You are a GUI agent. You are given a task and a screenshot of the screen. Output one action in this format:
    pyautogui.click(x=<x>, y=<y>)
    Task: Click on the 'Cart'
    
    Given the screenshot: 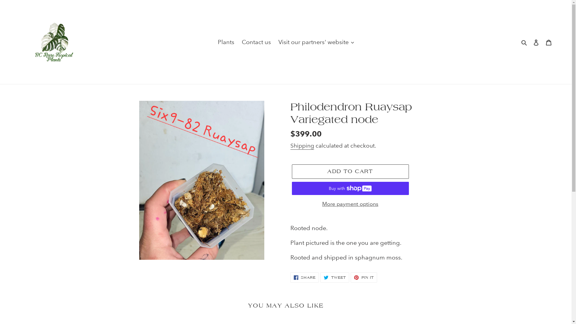 What is the action you would take?
    pyautogui.click(x=548, y=41)
    